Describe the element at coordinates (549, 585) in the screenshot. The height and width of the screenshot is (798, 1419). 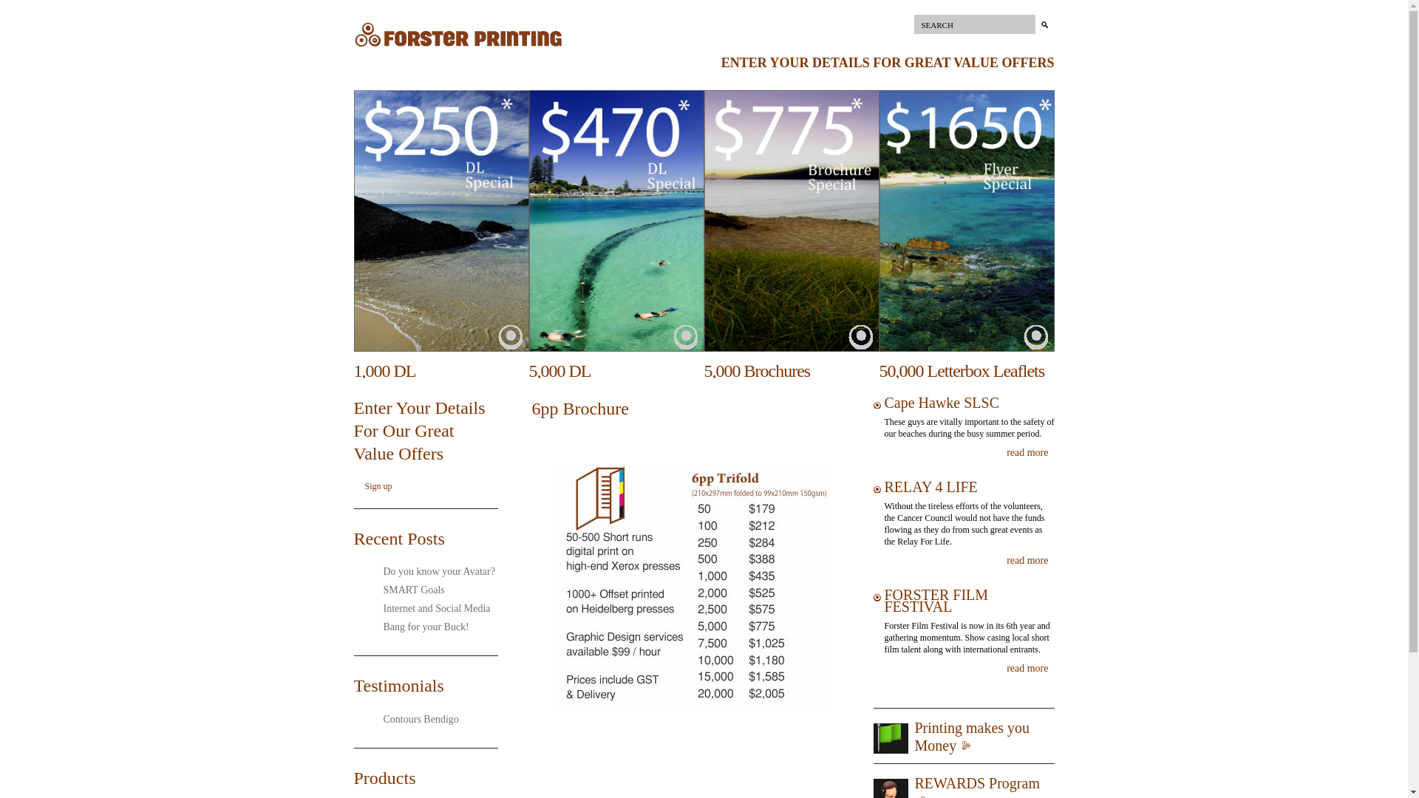
I see `'6pp A4 to DL double sided prices'` at that location.